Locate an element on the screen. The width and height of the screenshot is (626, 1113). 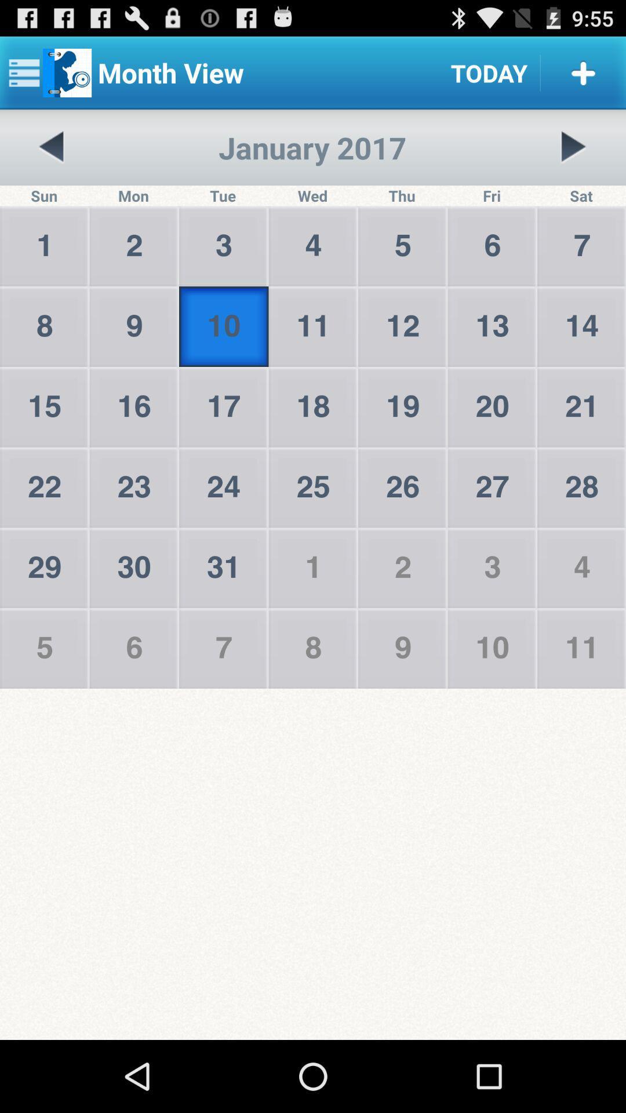
new entry is located at coordinates (583, 72).